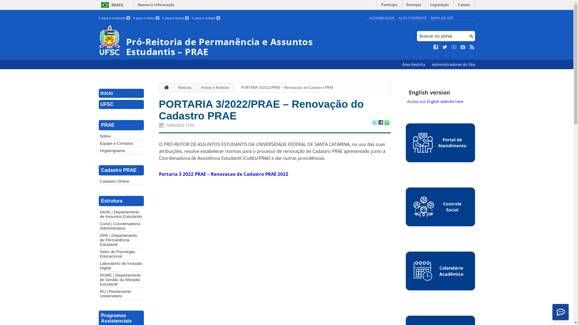 This screenshot has height=325, width=578. Describe the element at coordinates (454, 6) in the screenshot. I see `'Canais'` at that location.